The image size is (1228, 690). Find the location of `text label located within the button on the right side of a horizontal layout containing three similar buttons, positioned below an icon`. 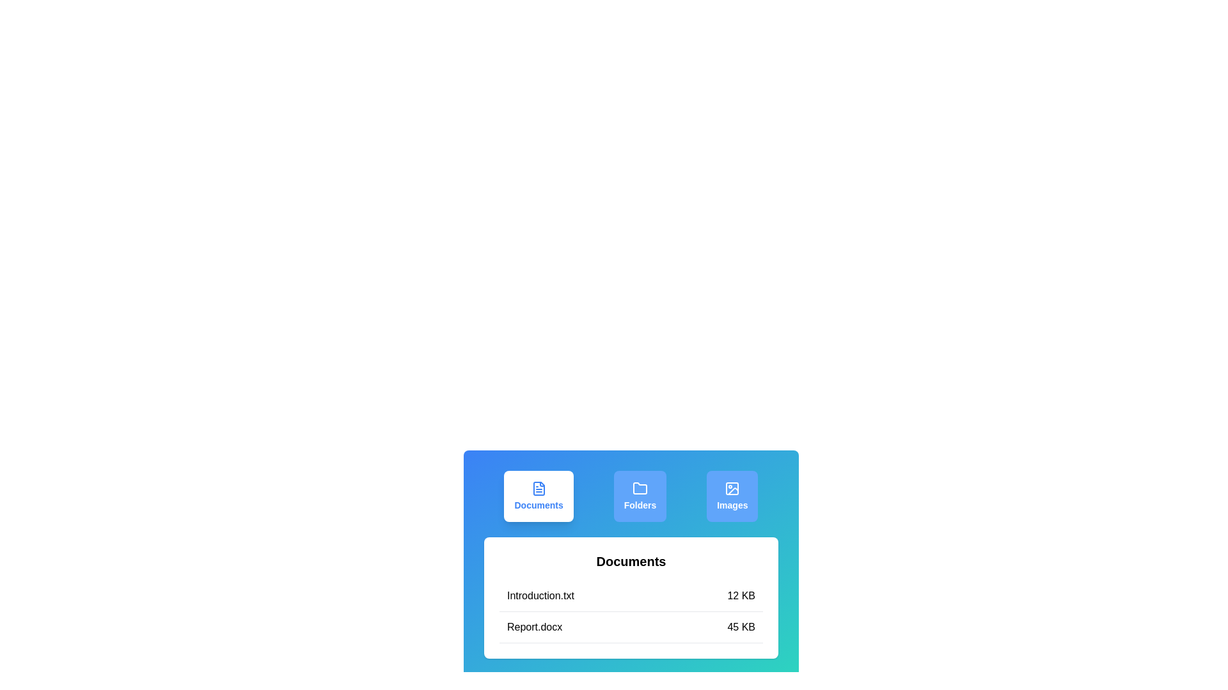

text label located within the button on the right side of a horizontal layout containing three similar buttons, positioned below an icon is located at coordinates (732, 504).